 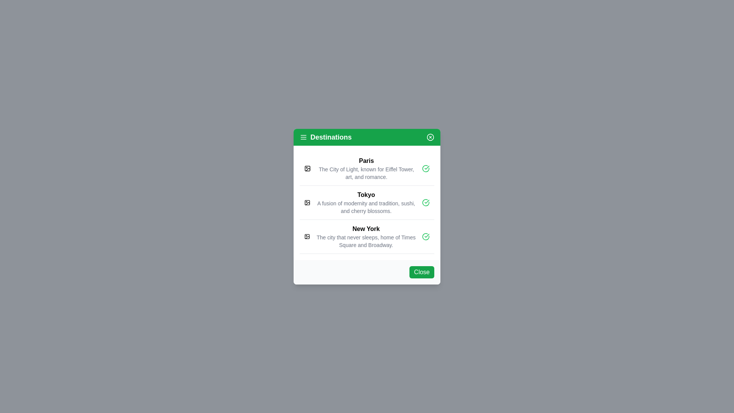 What do you see at coordinates (365, 241) in the screenshot?
I see `text label displaying supplemental descriptive information about New York, which says: 'The city that never sleeps, home of Times Square and Broadway.'` at bounding box center [365, 241].